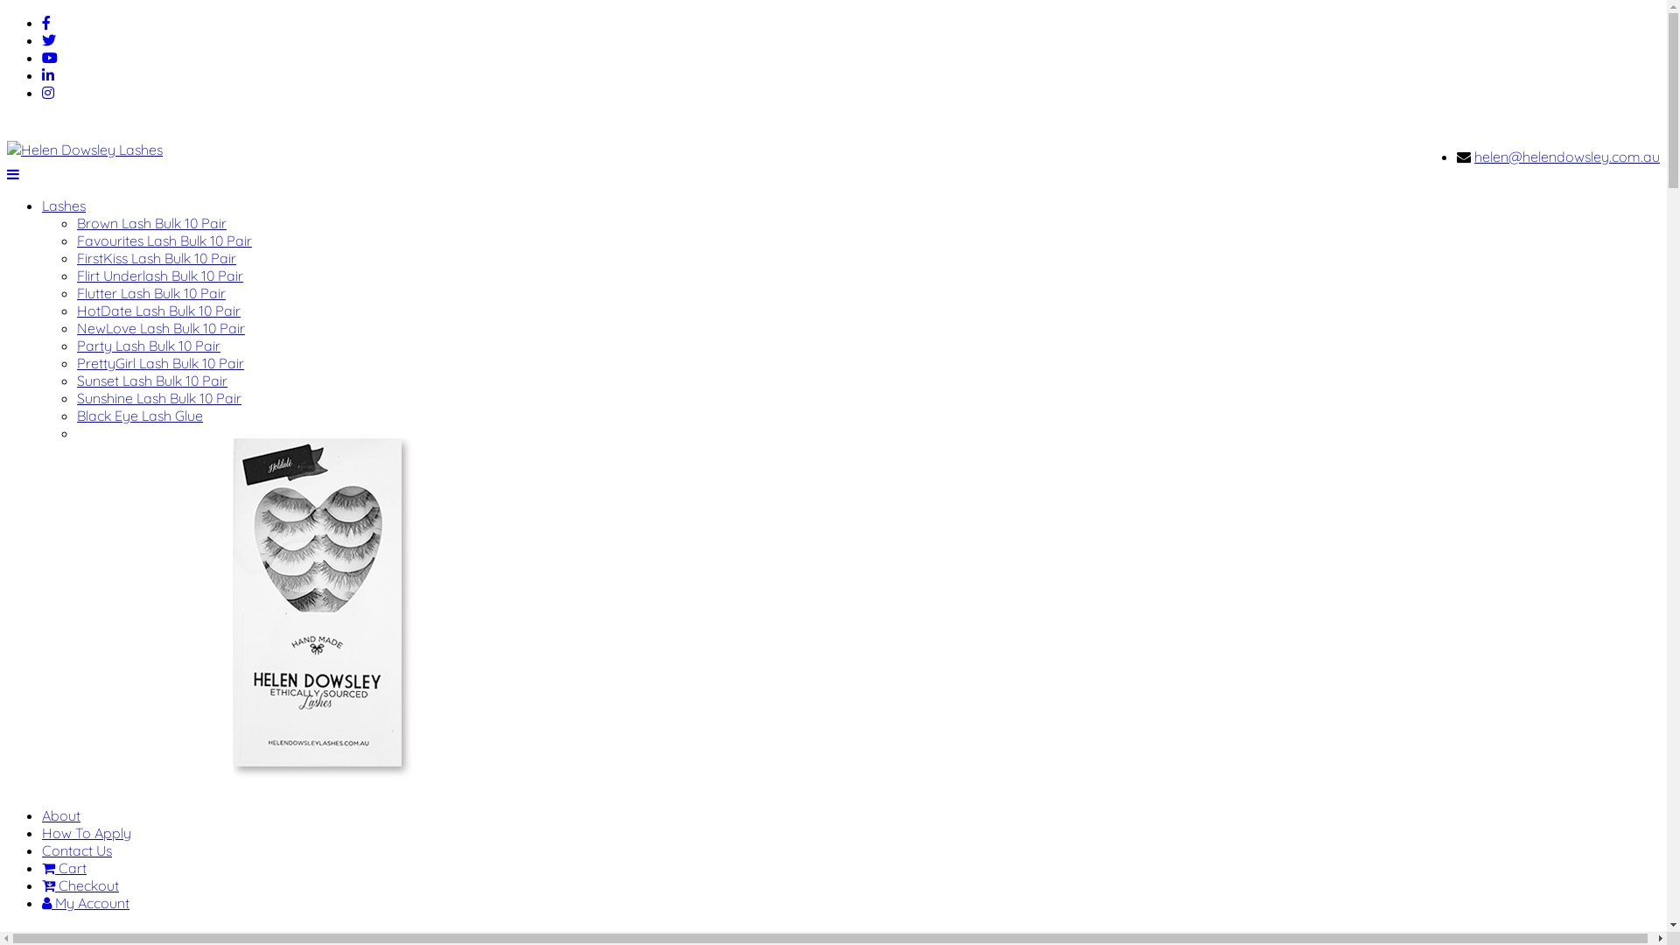  I want to click on 'Checkout', so click(79, 885).